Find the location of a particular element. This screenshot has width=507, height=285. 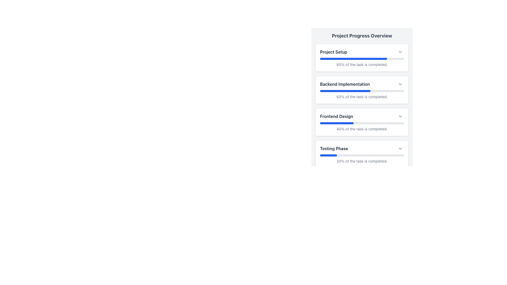

the header text label in the 'Project Progress Overview' section, which is located on the fourth row and is positioned towards the left, before the chevron and details icons is located at coordinates (334, 149).